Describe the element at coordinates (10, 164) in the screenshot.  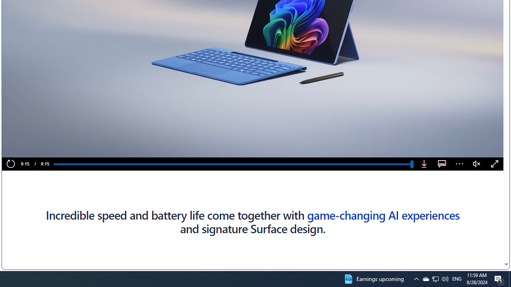
I see `'Replay'` at that location.